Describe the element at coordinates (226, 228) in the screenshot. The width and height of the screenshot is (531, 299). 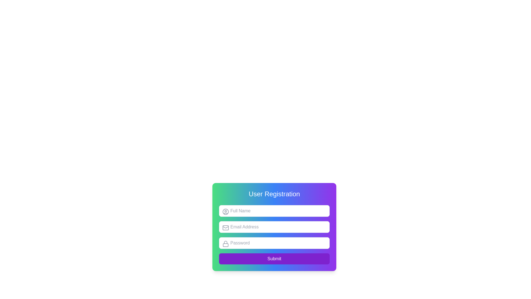
I see `the email address icon located at the top-left corner of the email input field` at that location.